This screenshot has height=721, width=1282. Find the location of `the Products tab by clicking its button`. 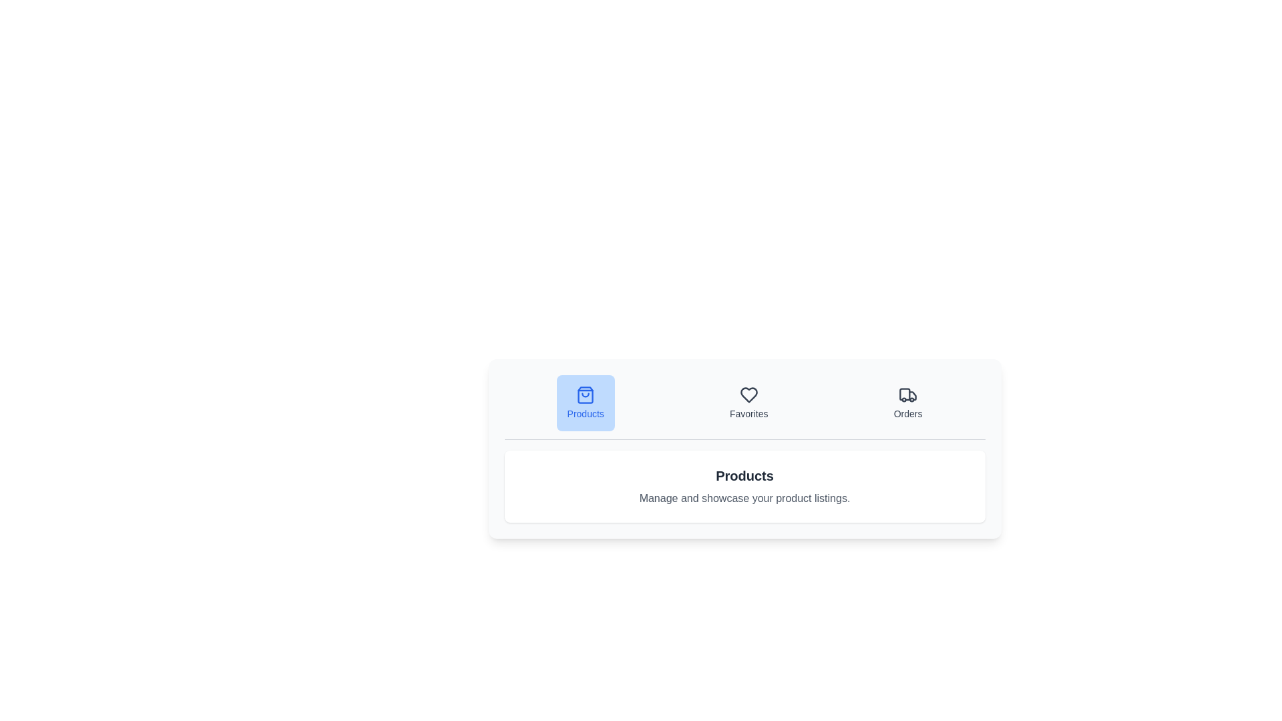

the Products tab by clicking its button is located at coordinates (586, 403).